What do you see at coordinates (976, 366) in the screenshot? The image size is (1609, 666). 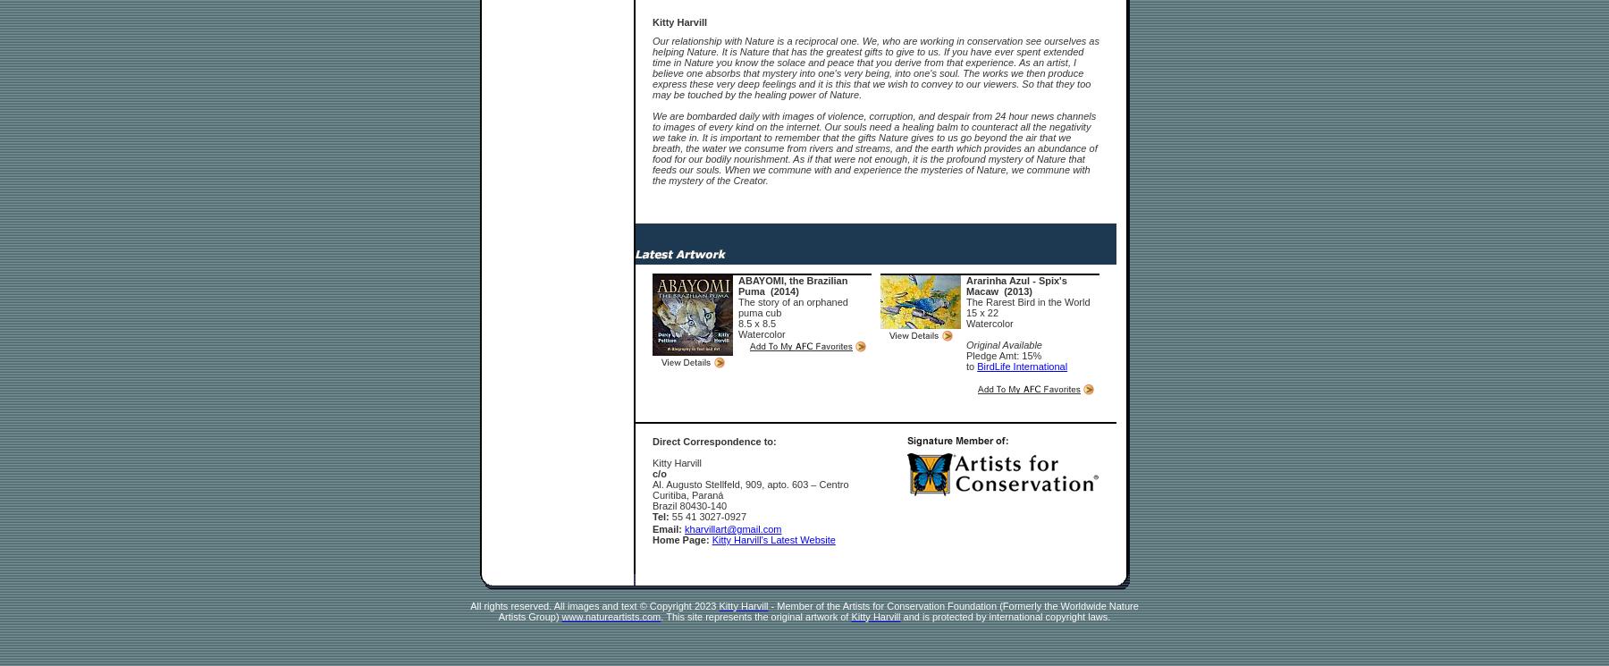 I see `'BirdLife International'` at bounding box center [976, 366].